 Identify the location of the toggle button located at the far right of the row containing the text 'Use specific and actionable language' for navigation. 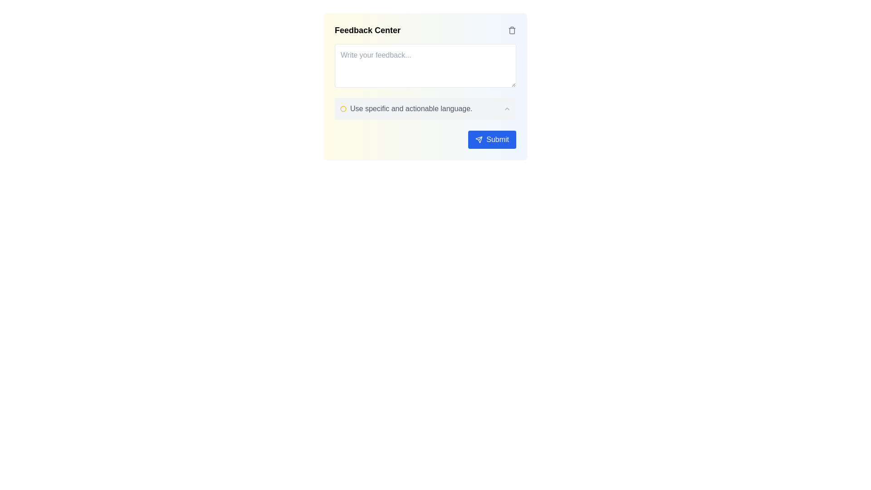
(507, 108).